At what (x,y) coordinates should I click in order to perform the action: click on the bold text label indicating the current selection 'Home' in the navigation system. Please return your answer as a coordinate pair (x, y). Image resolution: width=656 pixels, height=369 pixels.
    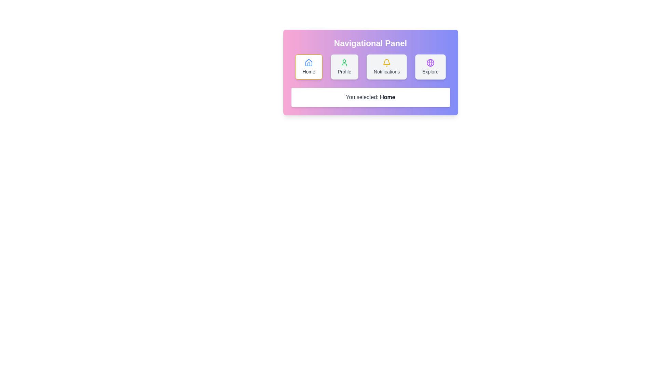
    Looking at the image, I should click on (387, 97).